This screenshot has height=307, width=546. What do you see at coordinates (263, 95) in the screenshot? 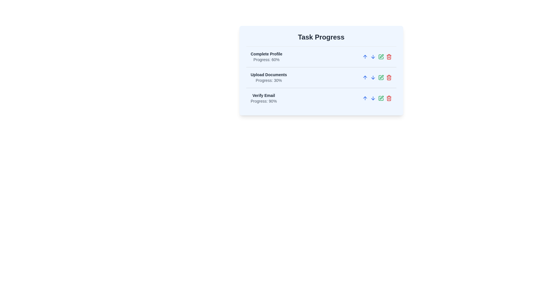
I see `the 'Verify Email' label, which prominently displays the phrase in bold dark gray font, located in the upper portion of a progress section` at bounding box center [263, 95].